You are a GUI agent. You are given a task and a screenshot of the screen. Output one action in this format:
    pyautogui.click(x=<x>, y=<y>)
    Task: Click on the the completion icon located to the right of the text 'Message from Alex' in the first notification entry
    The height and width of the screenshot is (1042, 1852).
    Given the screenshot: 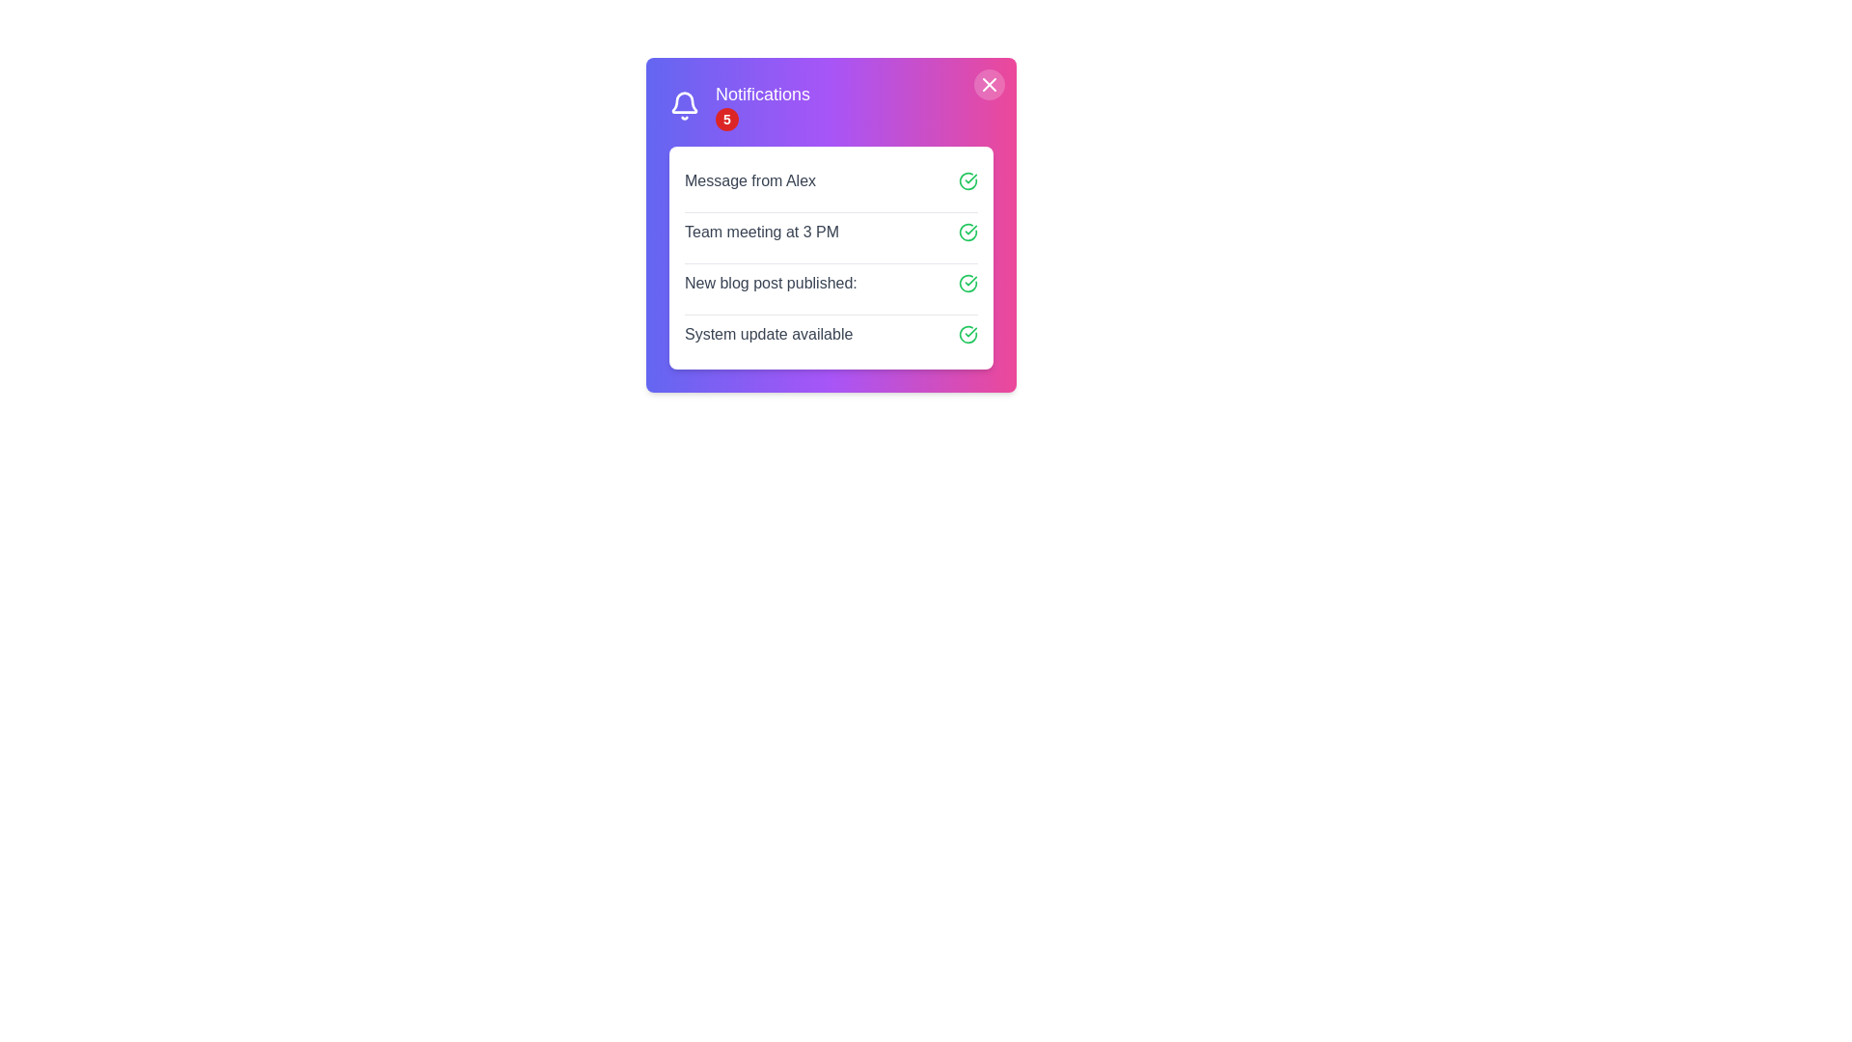 What is the action you would take?
    pyautogui.click(x=967, y=181)
    